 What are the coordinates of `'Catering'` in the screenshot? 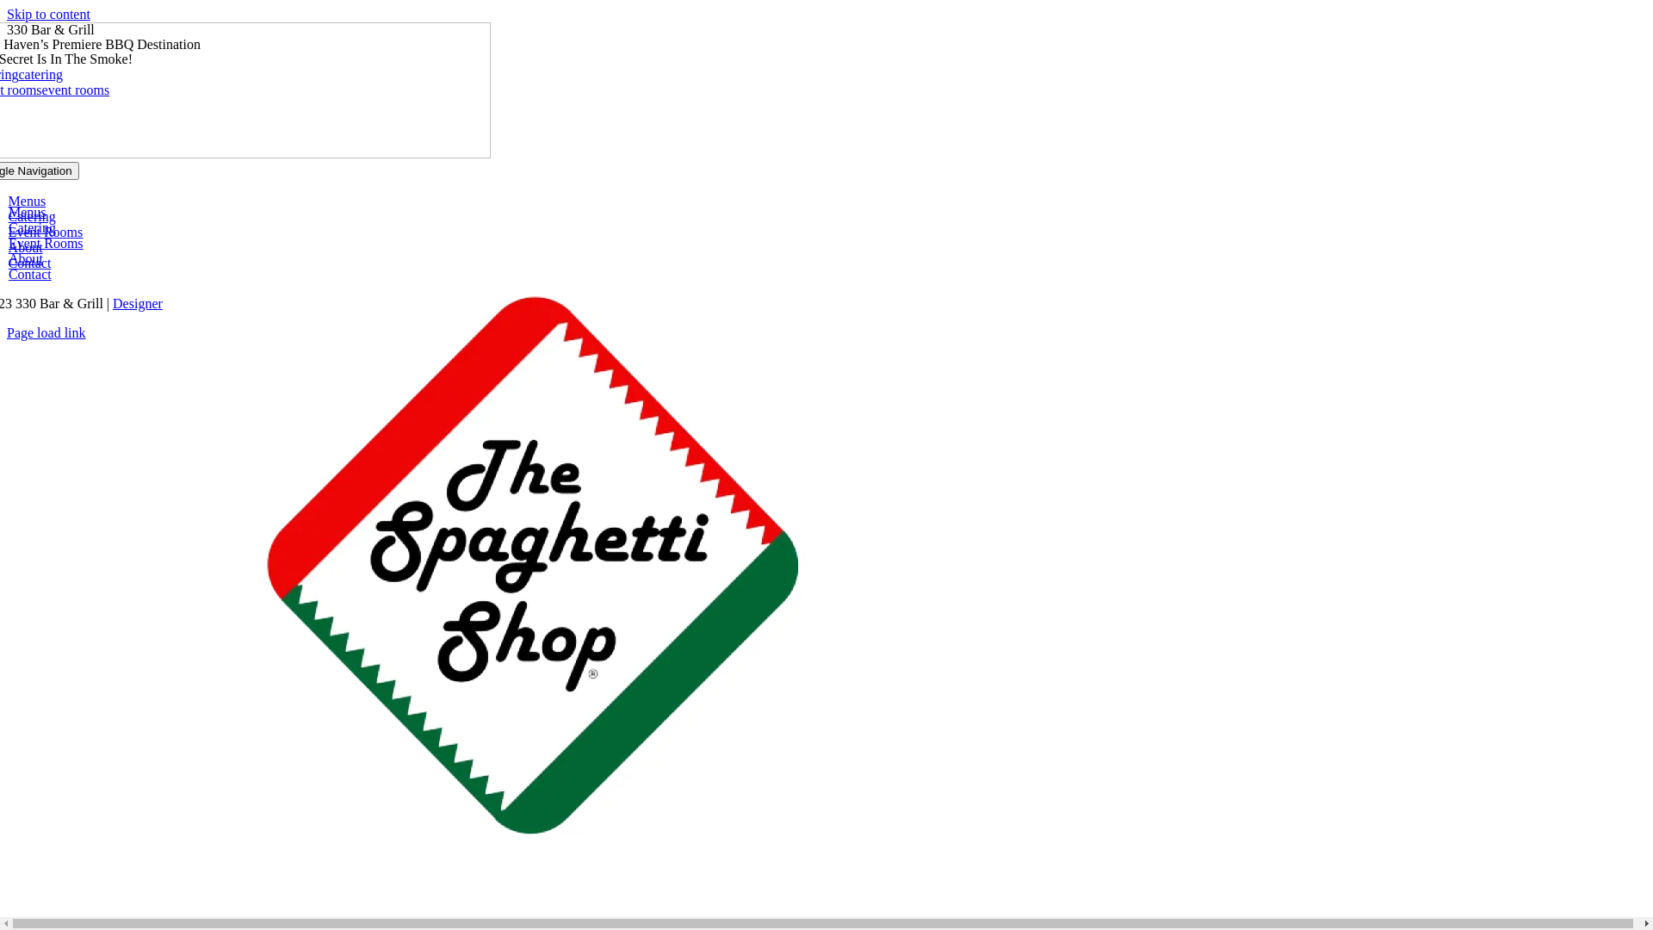 It's located at (8, 215).